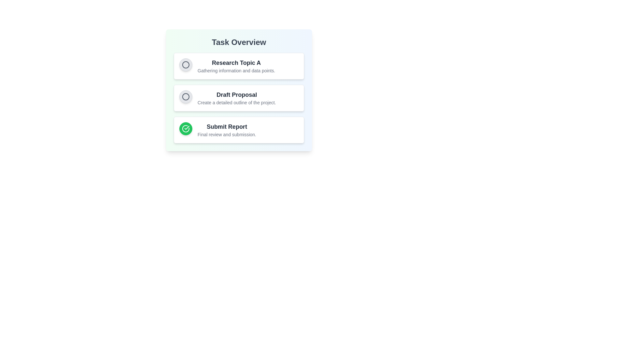 This screenshot has width=626, height=352. What do you see at coordinates (239, 98) in the screenshot?
I see `the List item card titled 'Draft Proposal' which is the second item in the vertical list of task cards` at bounding box center [239, 98].